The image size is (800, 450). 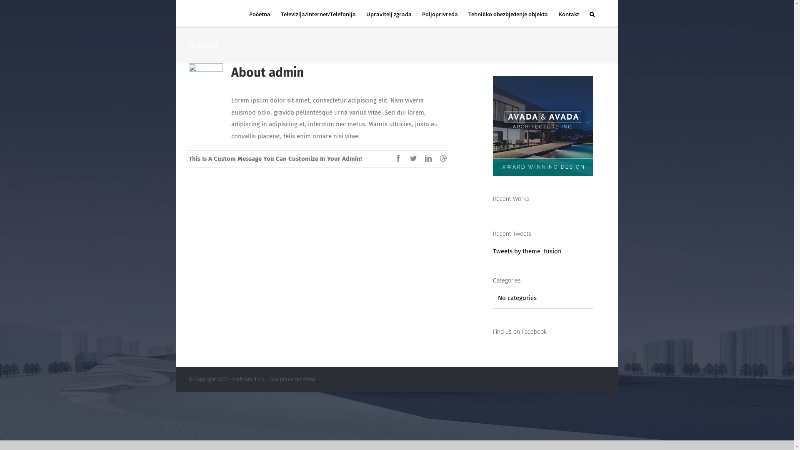 I want to click on 'Upravitelj zgrada', so click(x=388, y=13).